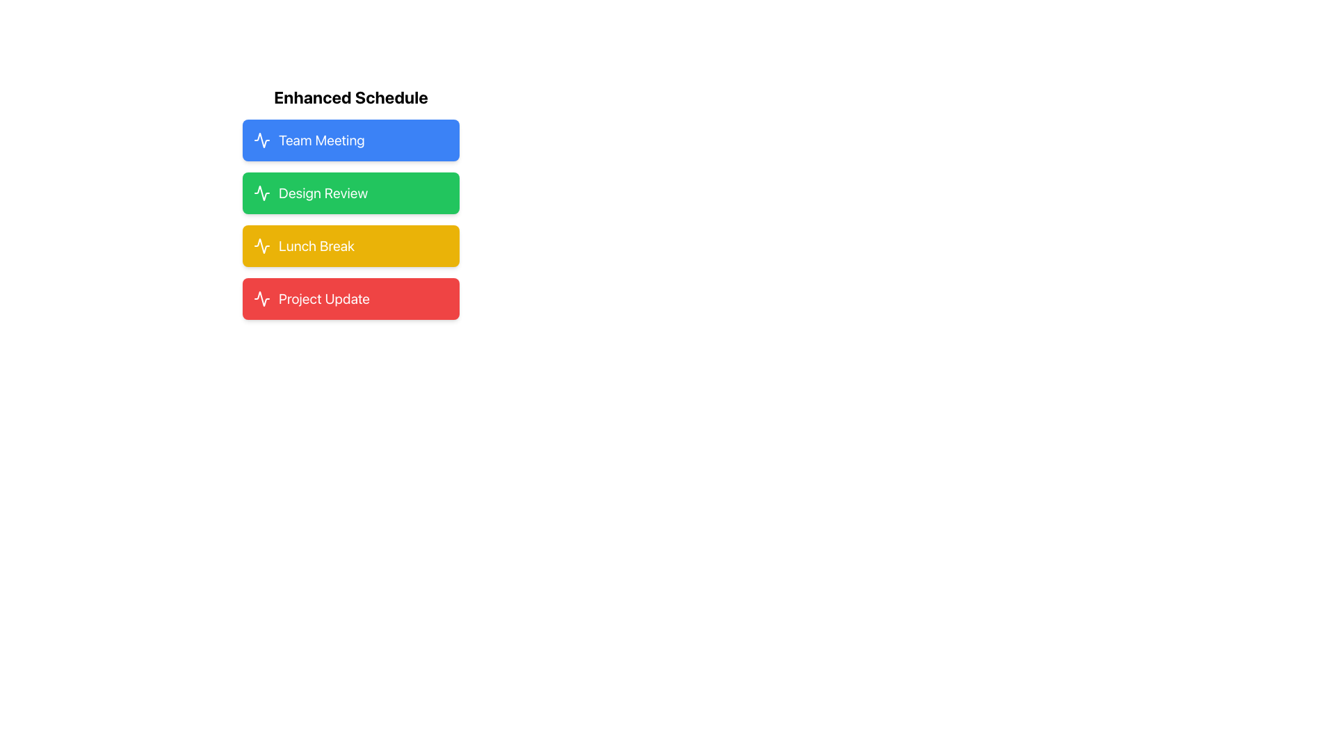 The image size is (1335, 751). What do you see at coordinates (262, 140) in the screenshot?
I see `the small graphic icon representing a waveform or heartbeat symbol, which is located on the left side of the blue card for the 'Team Meeting' entry in the Enhanced Schedule list` at bounding box center [262, 140].